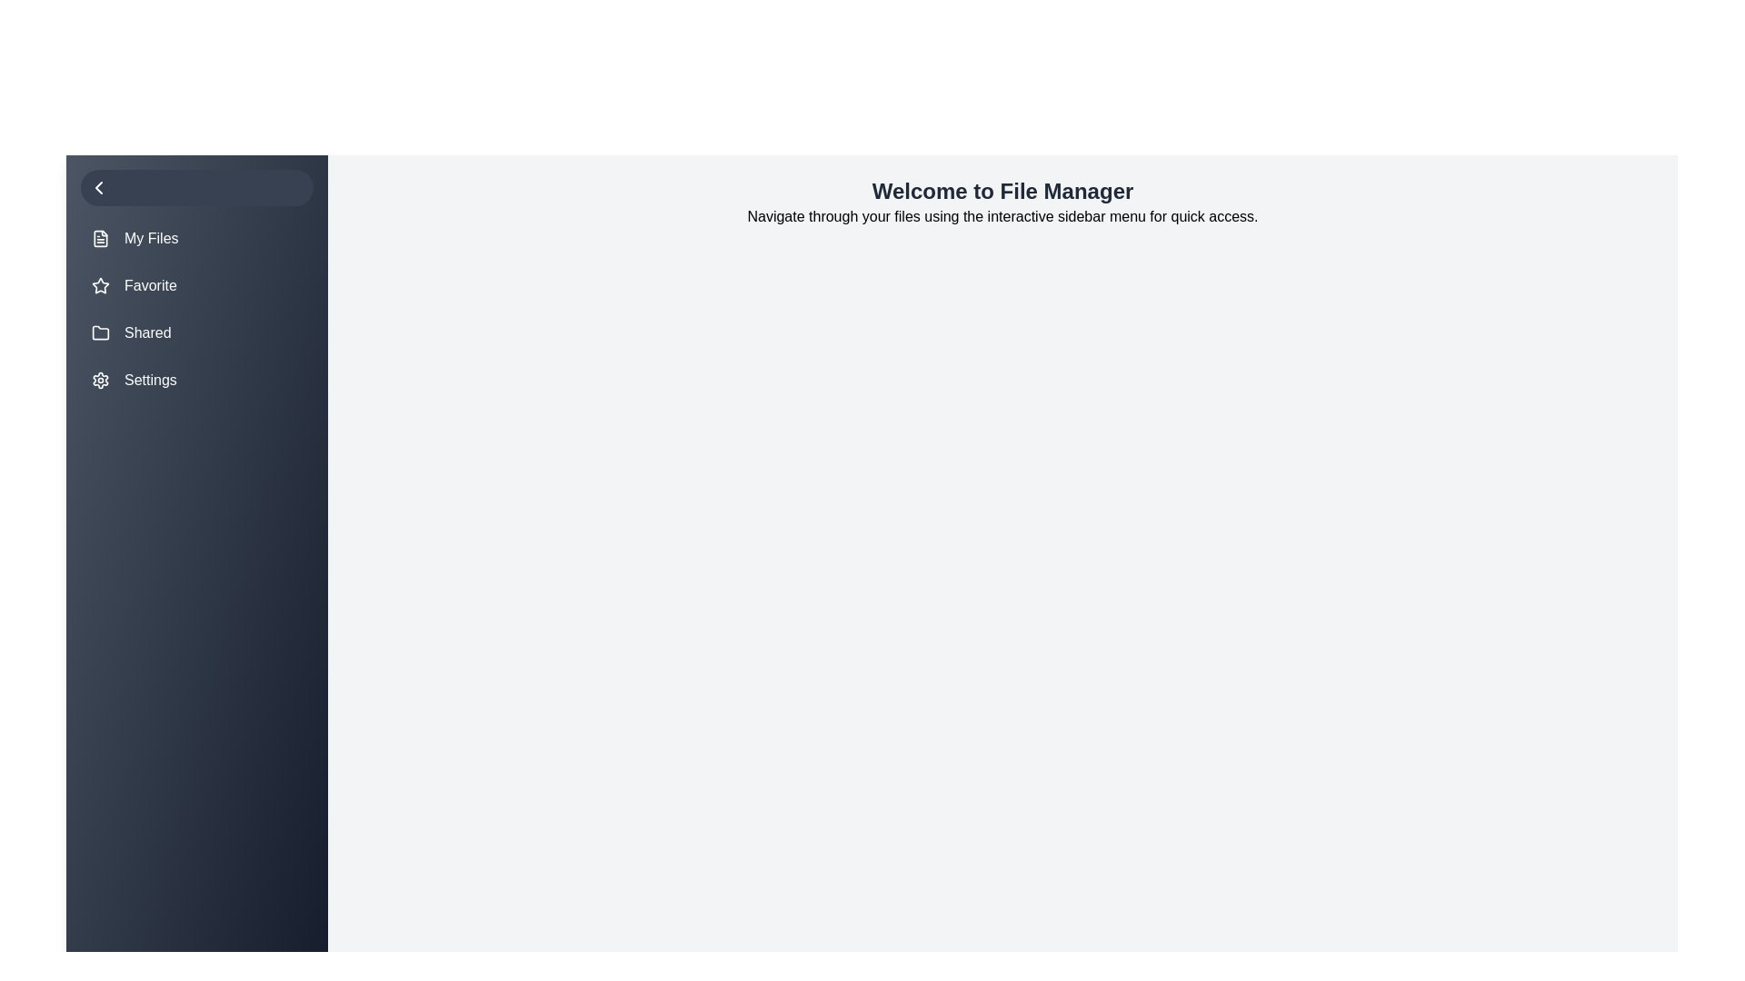  I want to click on the menu item Shared to highlight it, so click(196, 332).